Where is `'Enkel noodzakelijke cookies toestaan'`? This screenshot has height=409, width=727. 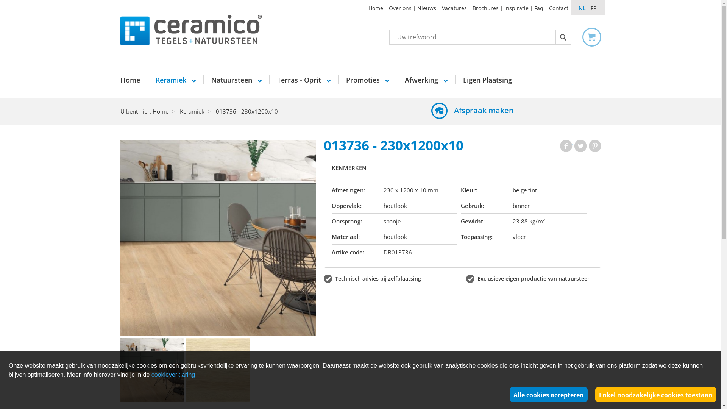
'Enkel noodzakelijke cookies toestaan' is located at coordinates (655, 394).